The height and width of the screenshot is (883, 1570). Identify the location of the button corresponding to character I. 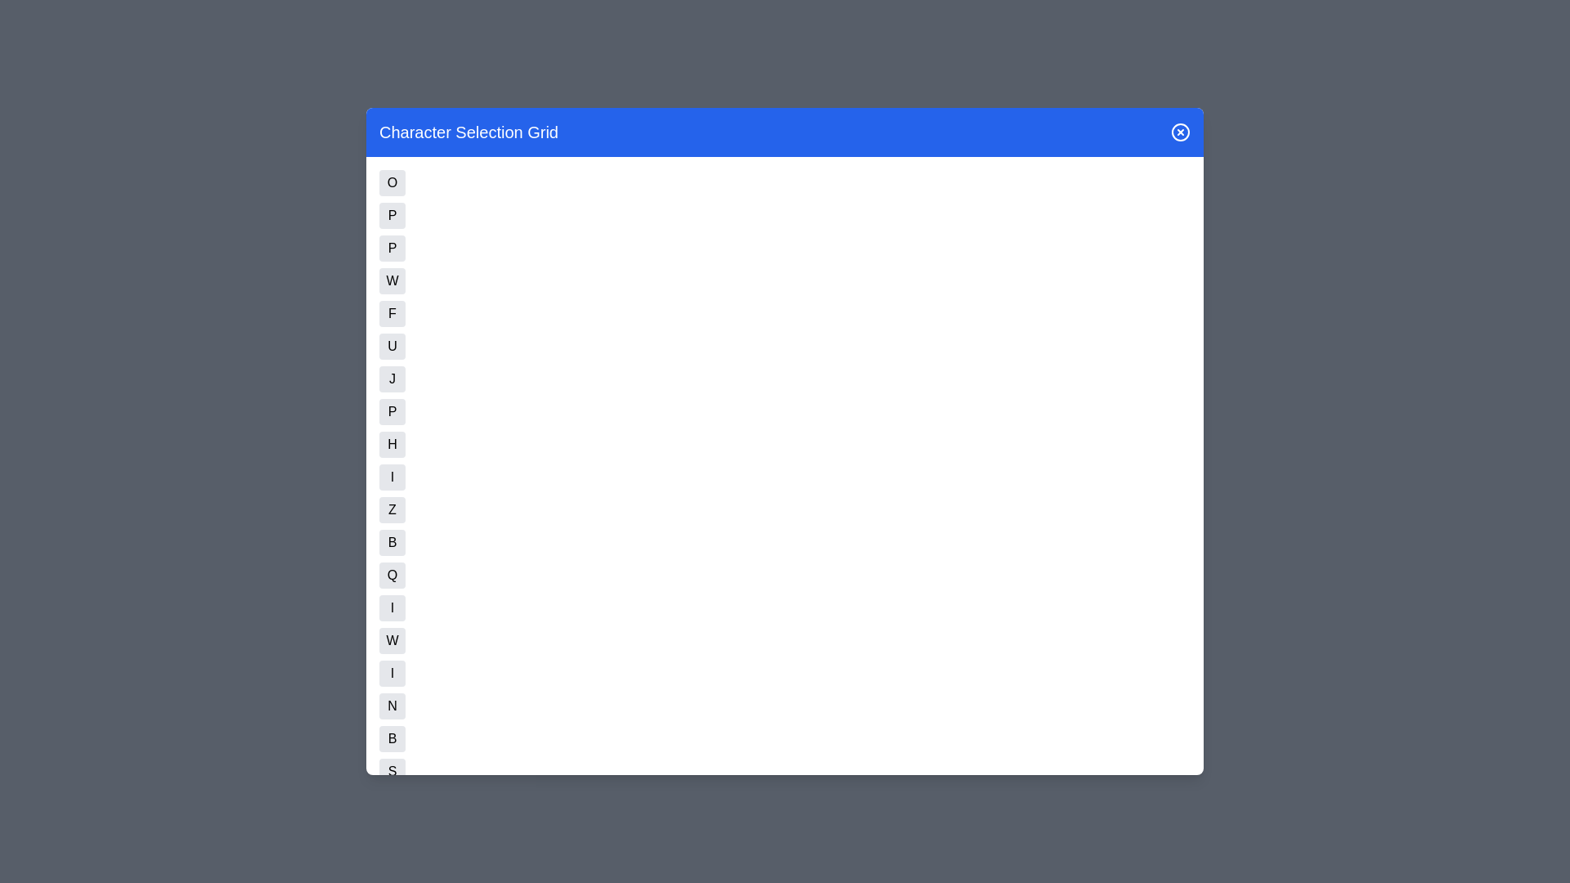
(392, 608).